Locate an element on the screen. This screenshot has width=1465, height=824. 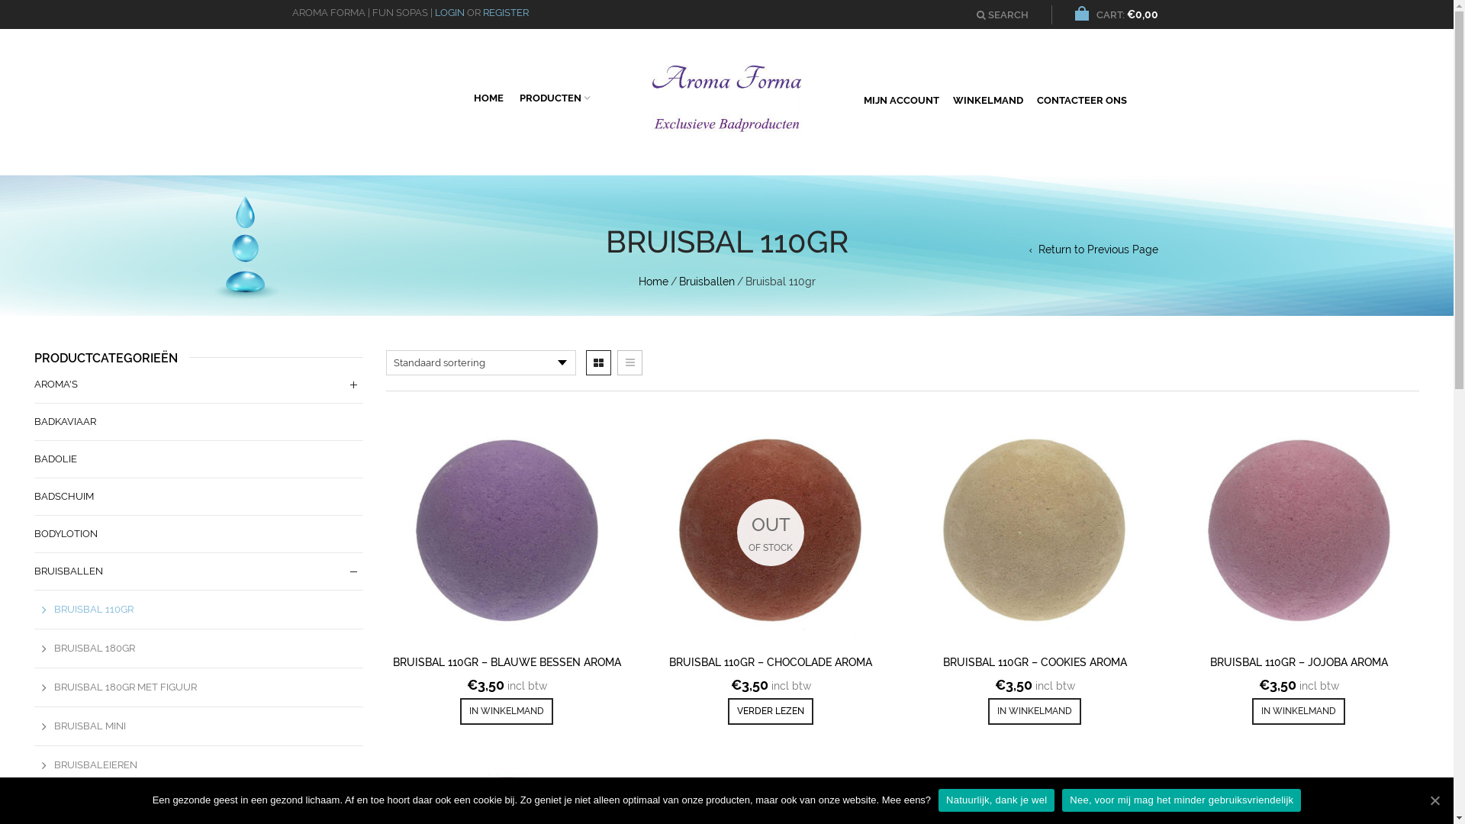
'Nee, voor mij mag het minder gebruiksvriendelijk' is located at coordinates (1180, 800).